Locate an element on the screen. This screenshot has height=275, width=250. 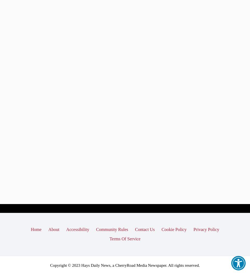
'Home' is located at coordinates (31, 229).